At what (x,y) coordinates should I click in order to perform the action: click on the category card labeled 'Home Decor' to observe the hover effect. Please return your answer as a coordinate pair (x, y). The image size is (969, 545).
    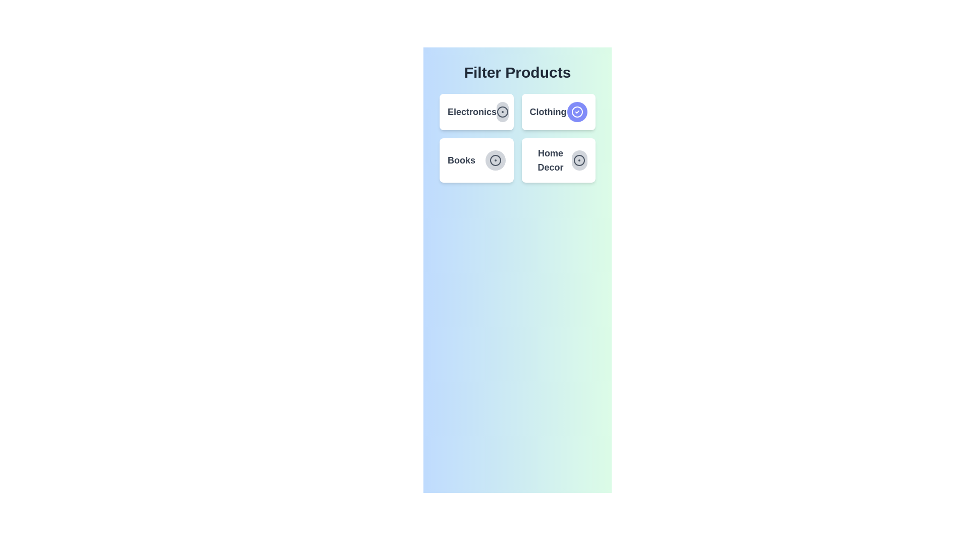
    Looking at the image, I should click on (558, 159).